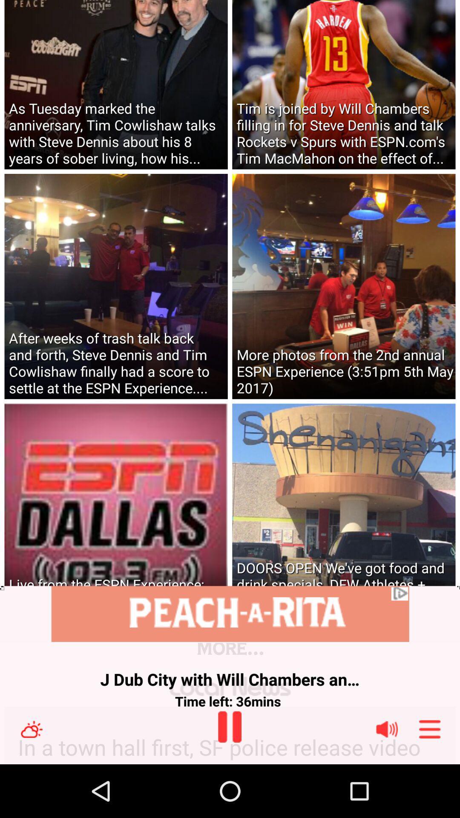 This screenshot has width=460, height=818. I want to click on the volume icon, so click(387, 781).